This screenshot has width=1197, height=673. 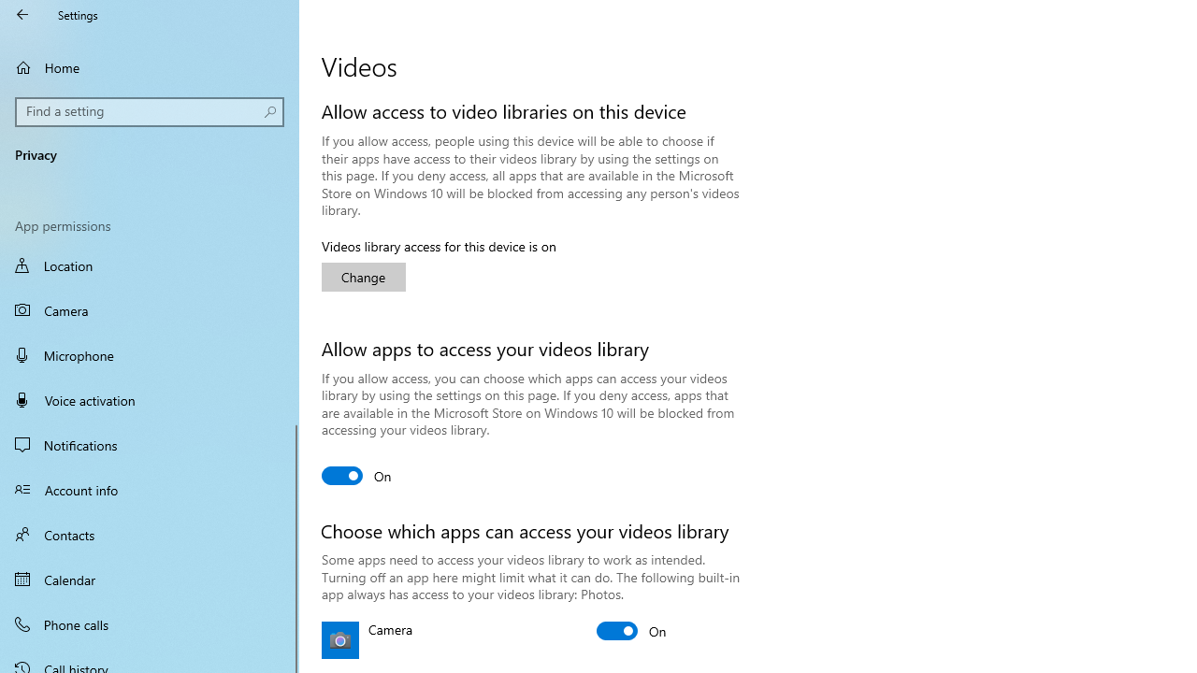 I want to click on 'Phone calls', so click(x=150, y=623).